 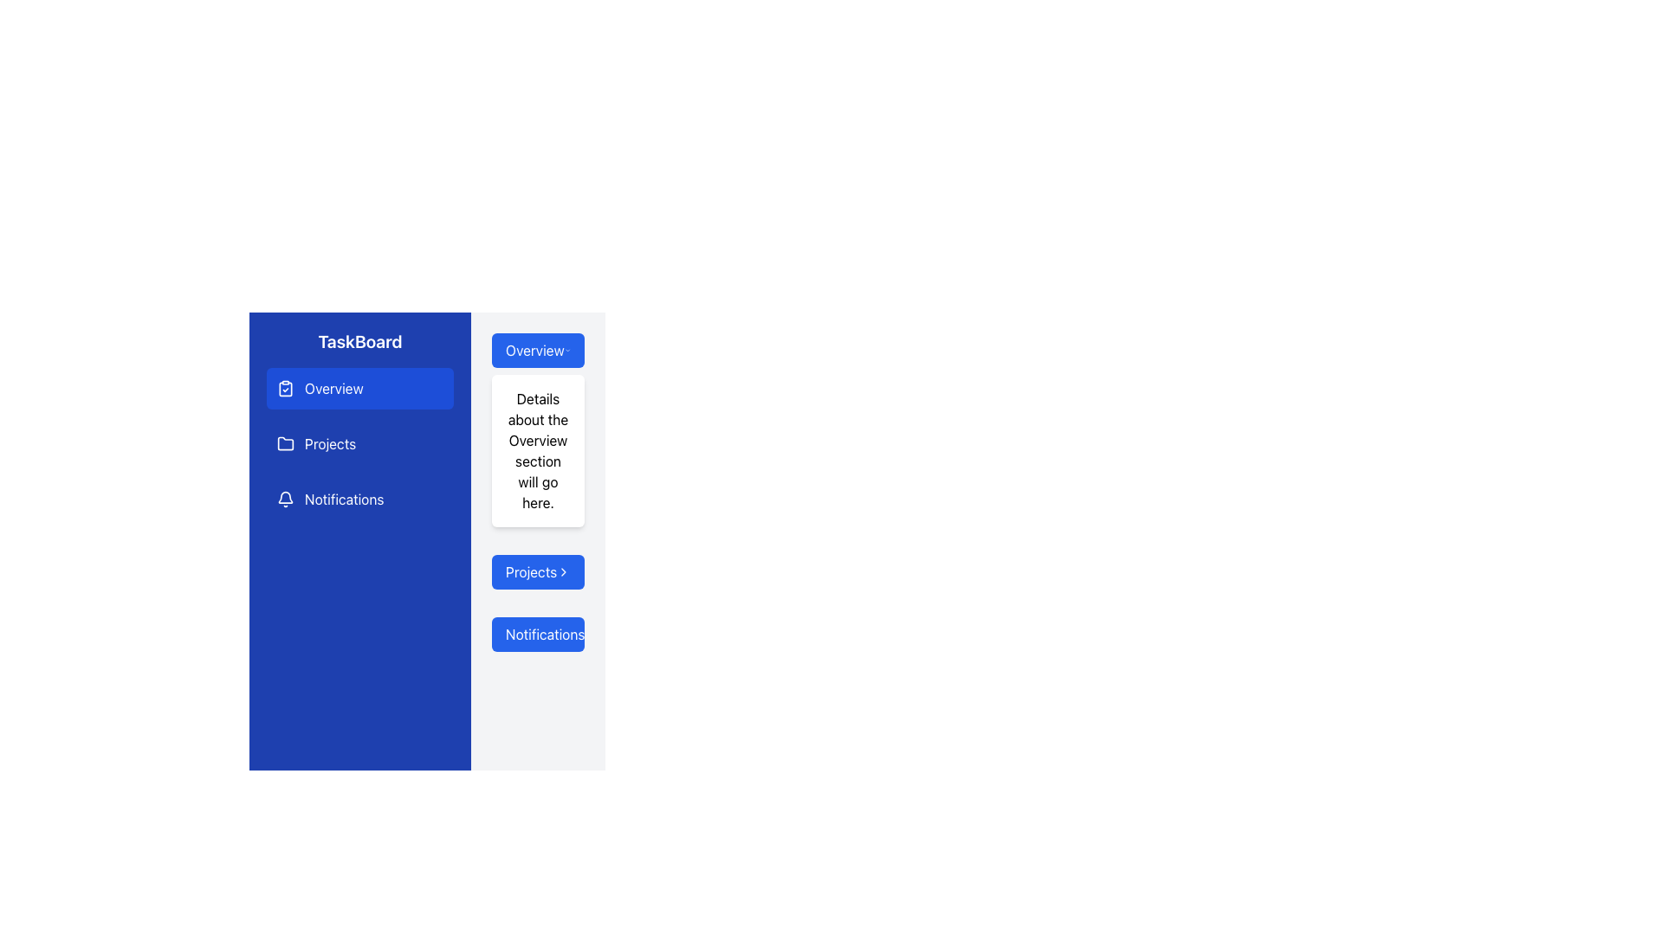 I want to click on the 'Overview' text label in the sidebar menu, so click(x=333, y=387).